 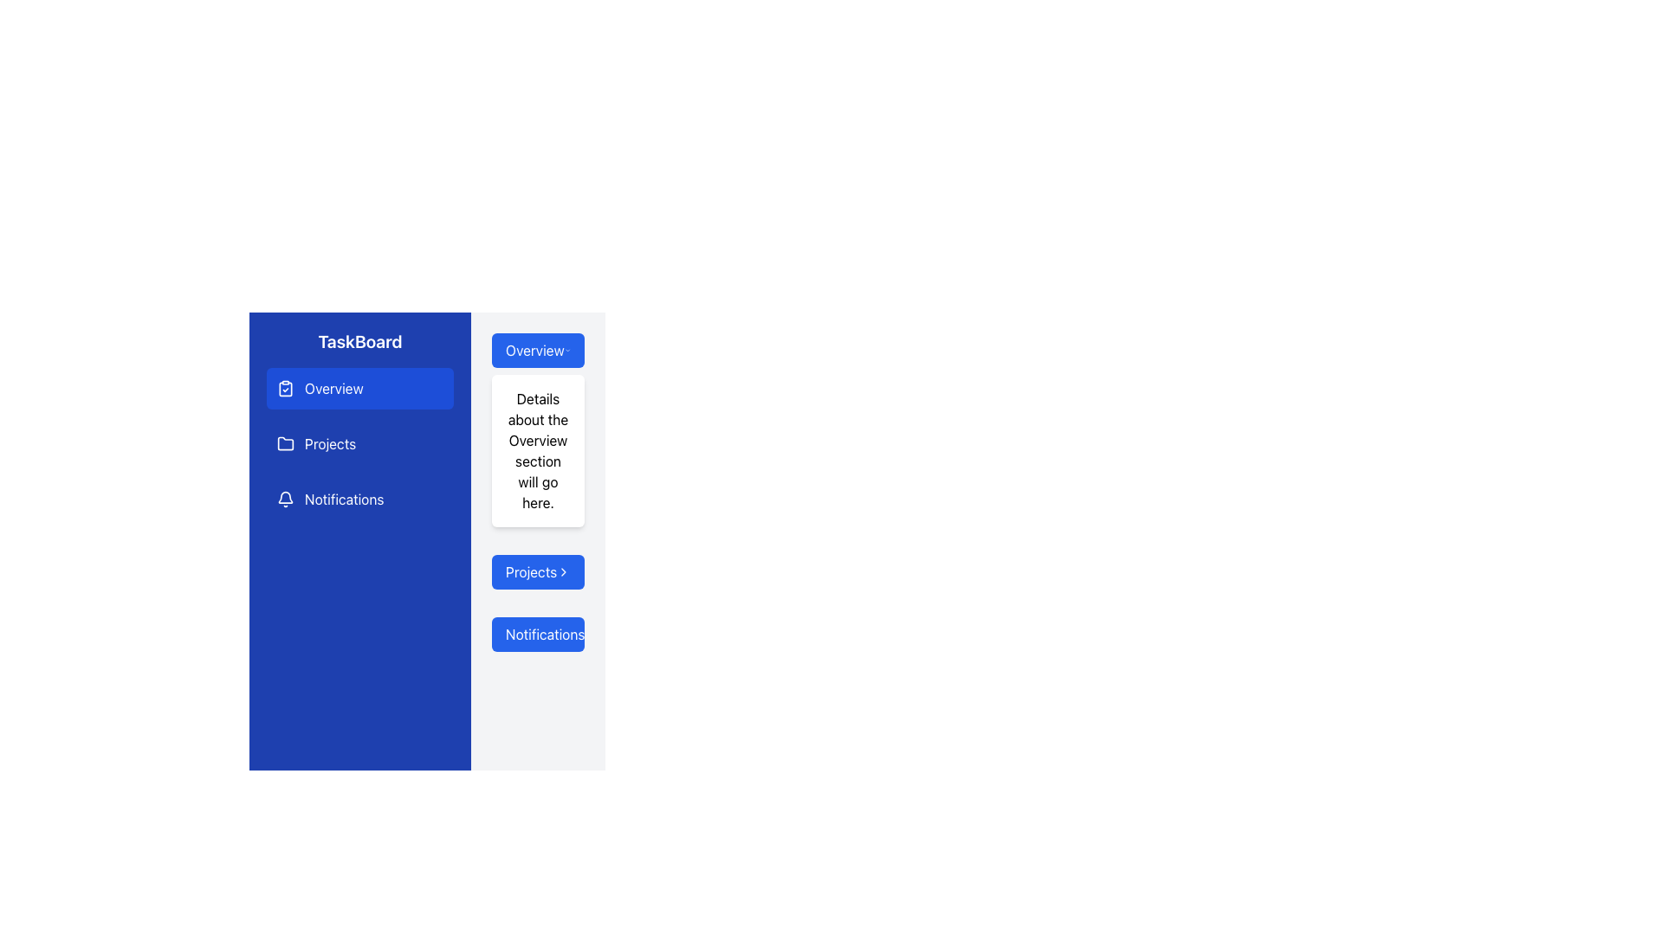 I want to click on the 'Overview' text label in the sidebar menu, so click(x=333, y=387).